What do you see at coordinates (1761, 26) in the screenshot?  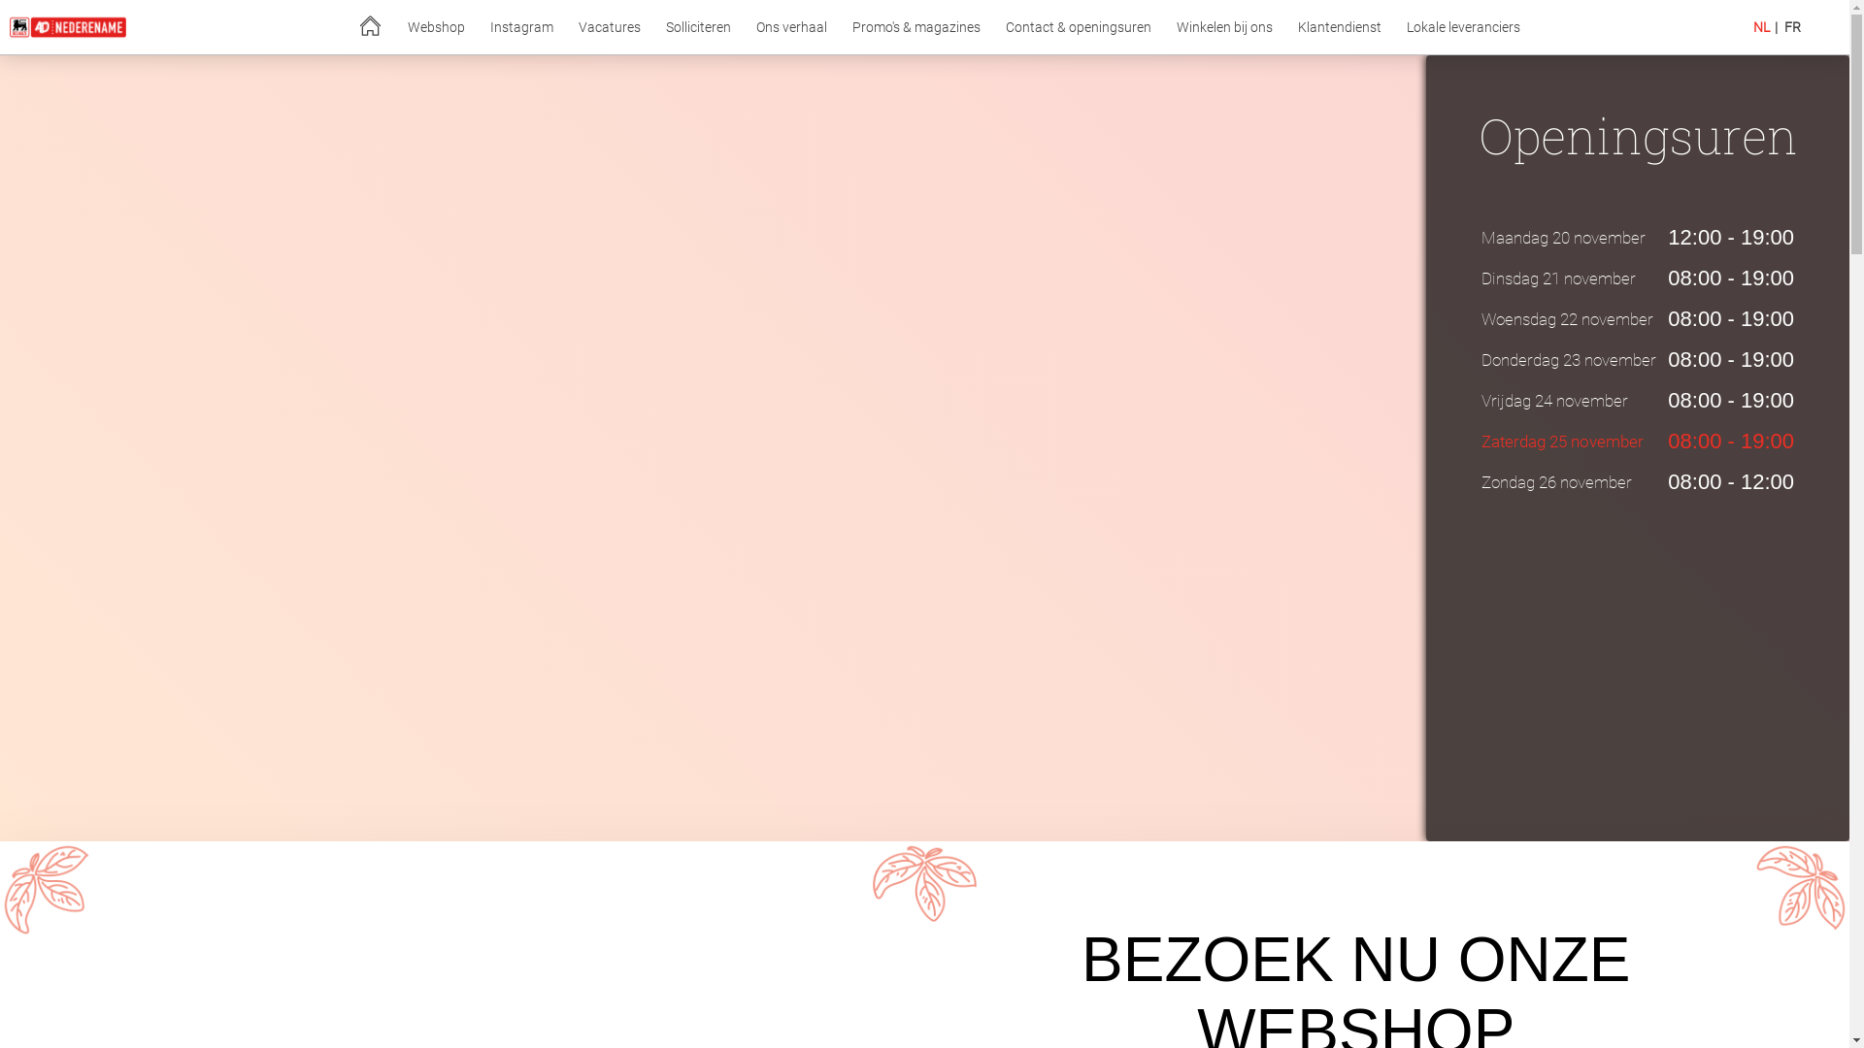 I see `'NL'` at bounding box center [1761, 26].